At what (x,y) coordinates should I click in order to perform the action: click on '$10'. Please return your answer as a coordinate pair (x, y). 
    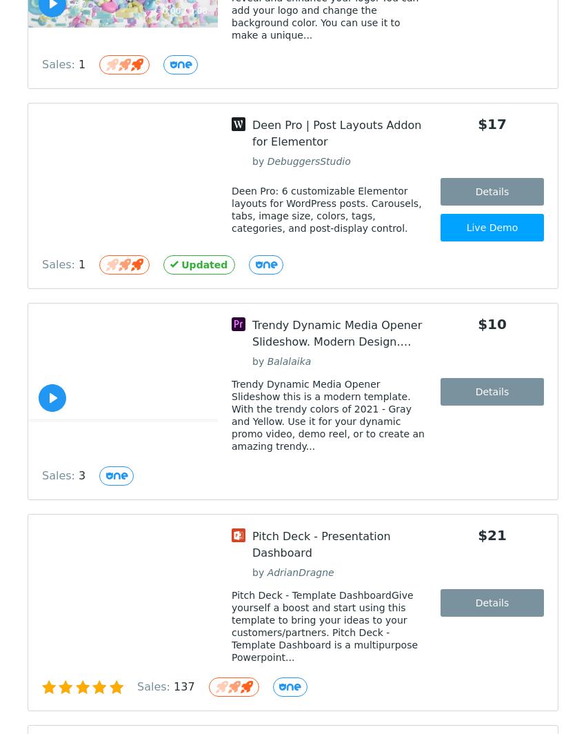
    Looking at the image, I should click on (491, 324).